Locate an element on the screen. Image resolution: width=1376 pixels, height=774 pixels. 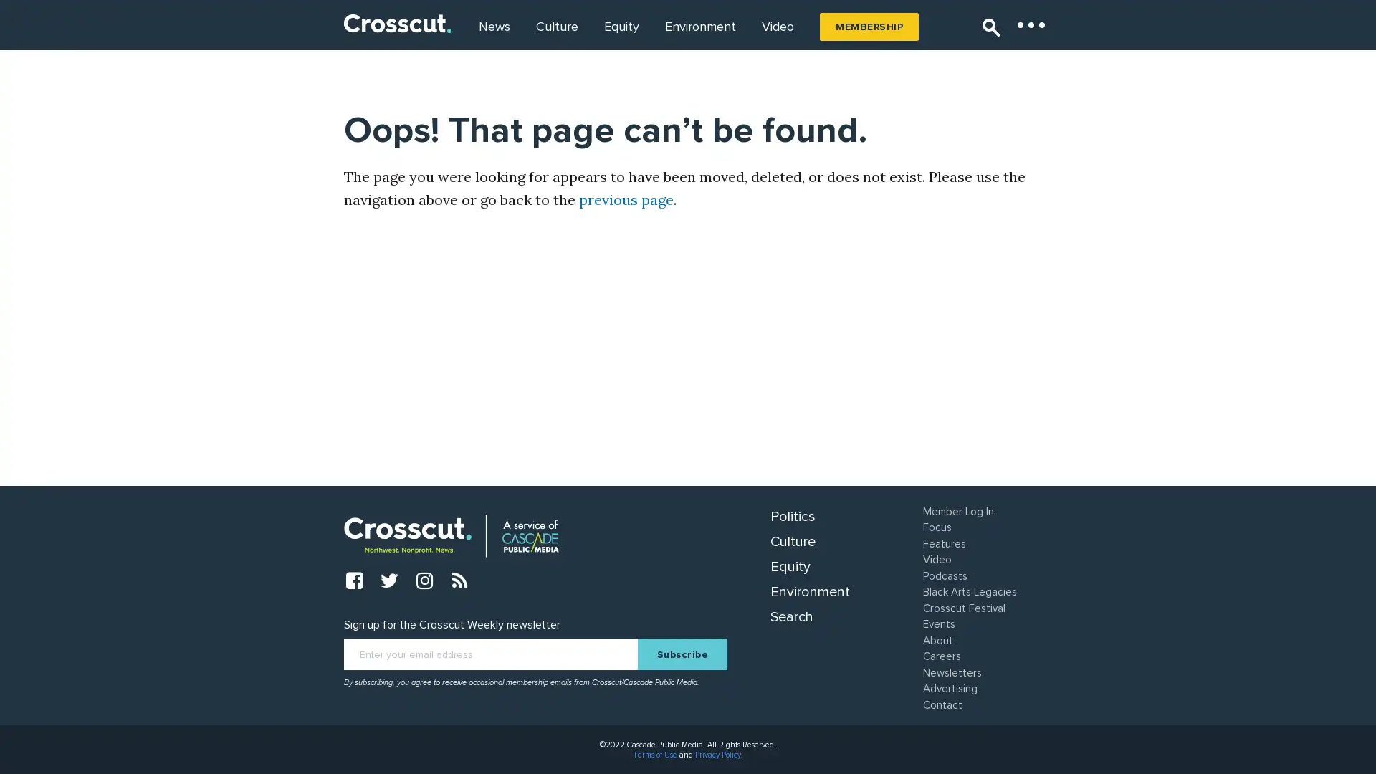
Subscribe is located at coordinates (682, 653).